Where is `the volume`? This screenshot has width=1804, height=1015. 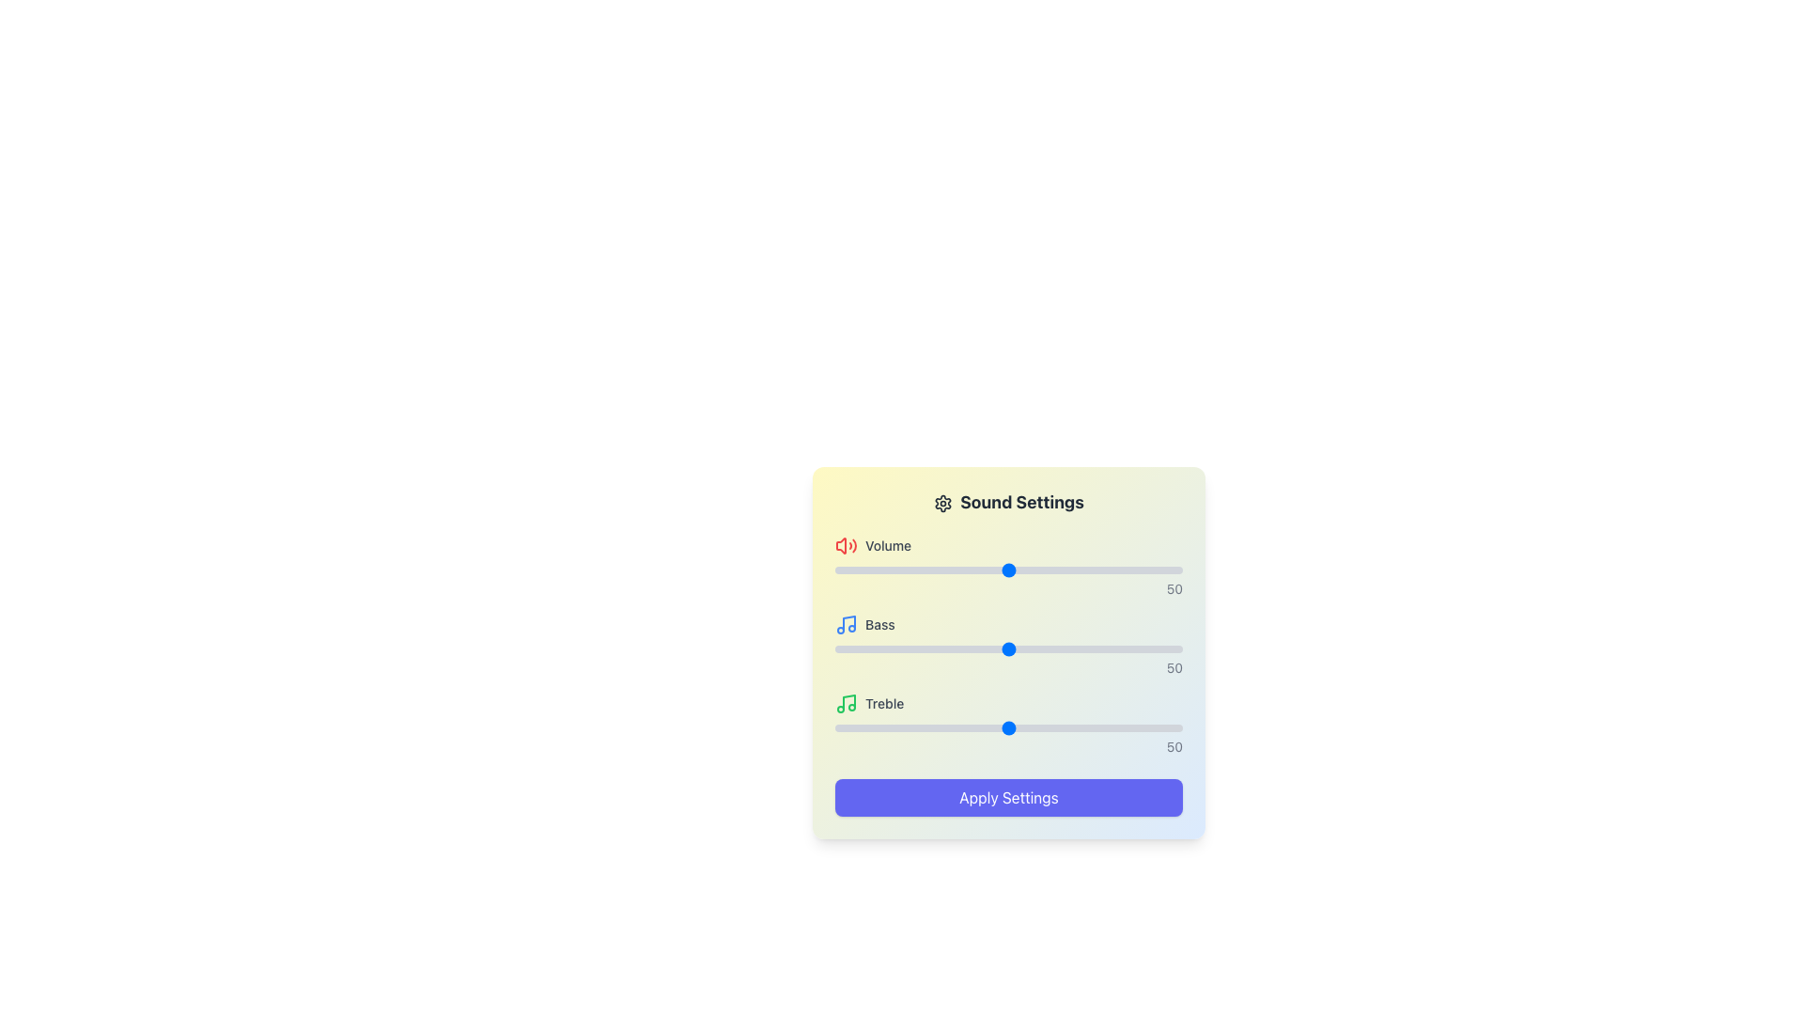
the volume is located at coordinates (1127, 569).